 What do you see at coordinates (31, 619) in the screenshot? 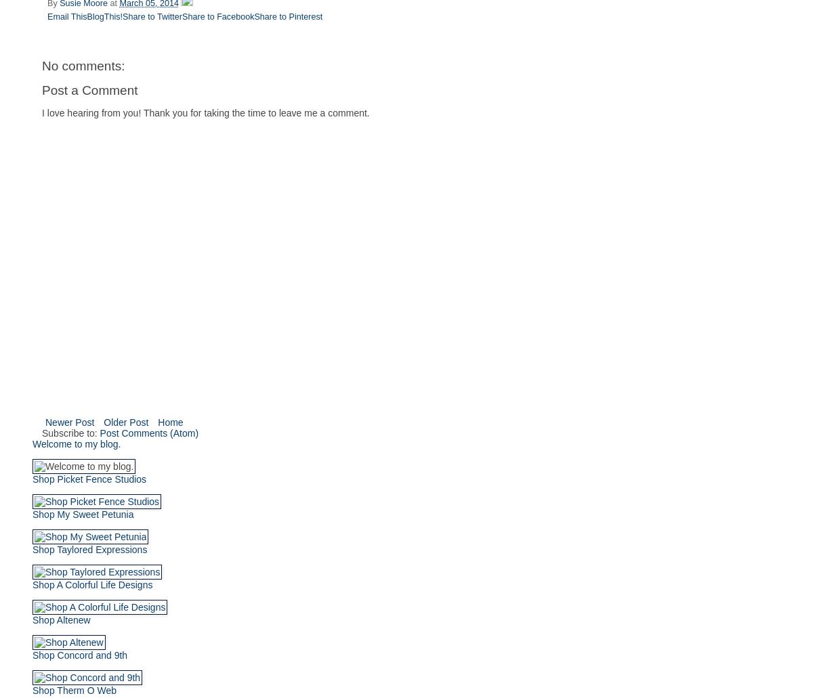
I see `'Shop Altenew'` at bounding box center [31, 619].